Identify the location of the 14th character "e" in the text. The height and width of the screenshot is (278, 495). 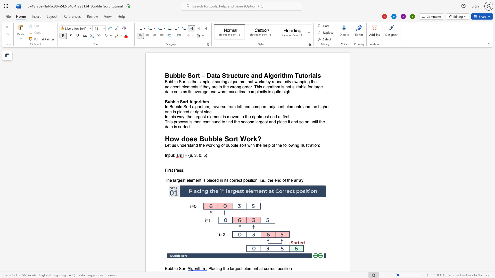
(227, 86).